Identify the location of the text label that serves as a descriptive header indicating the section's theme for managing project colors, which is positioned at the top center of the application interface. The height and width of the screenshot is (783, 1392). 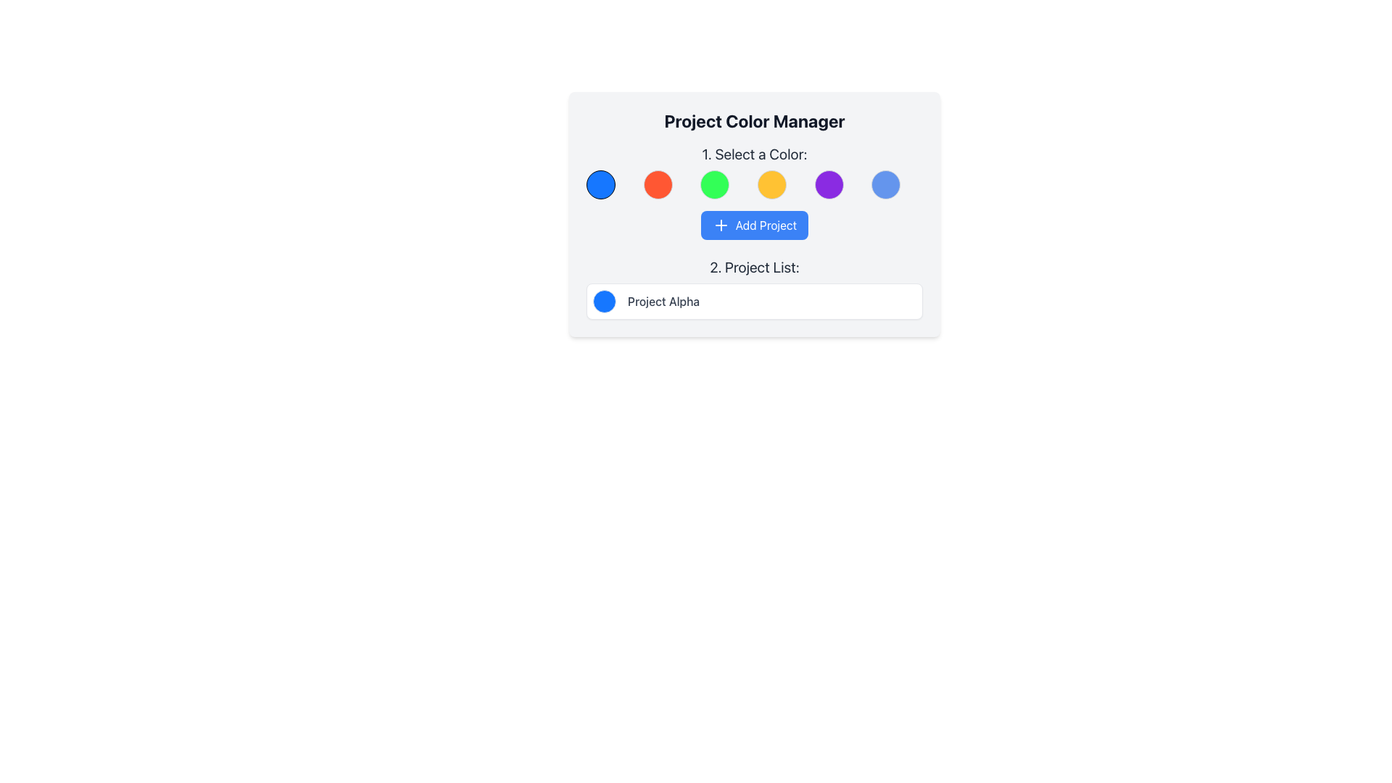
(754, 120).